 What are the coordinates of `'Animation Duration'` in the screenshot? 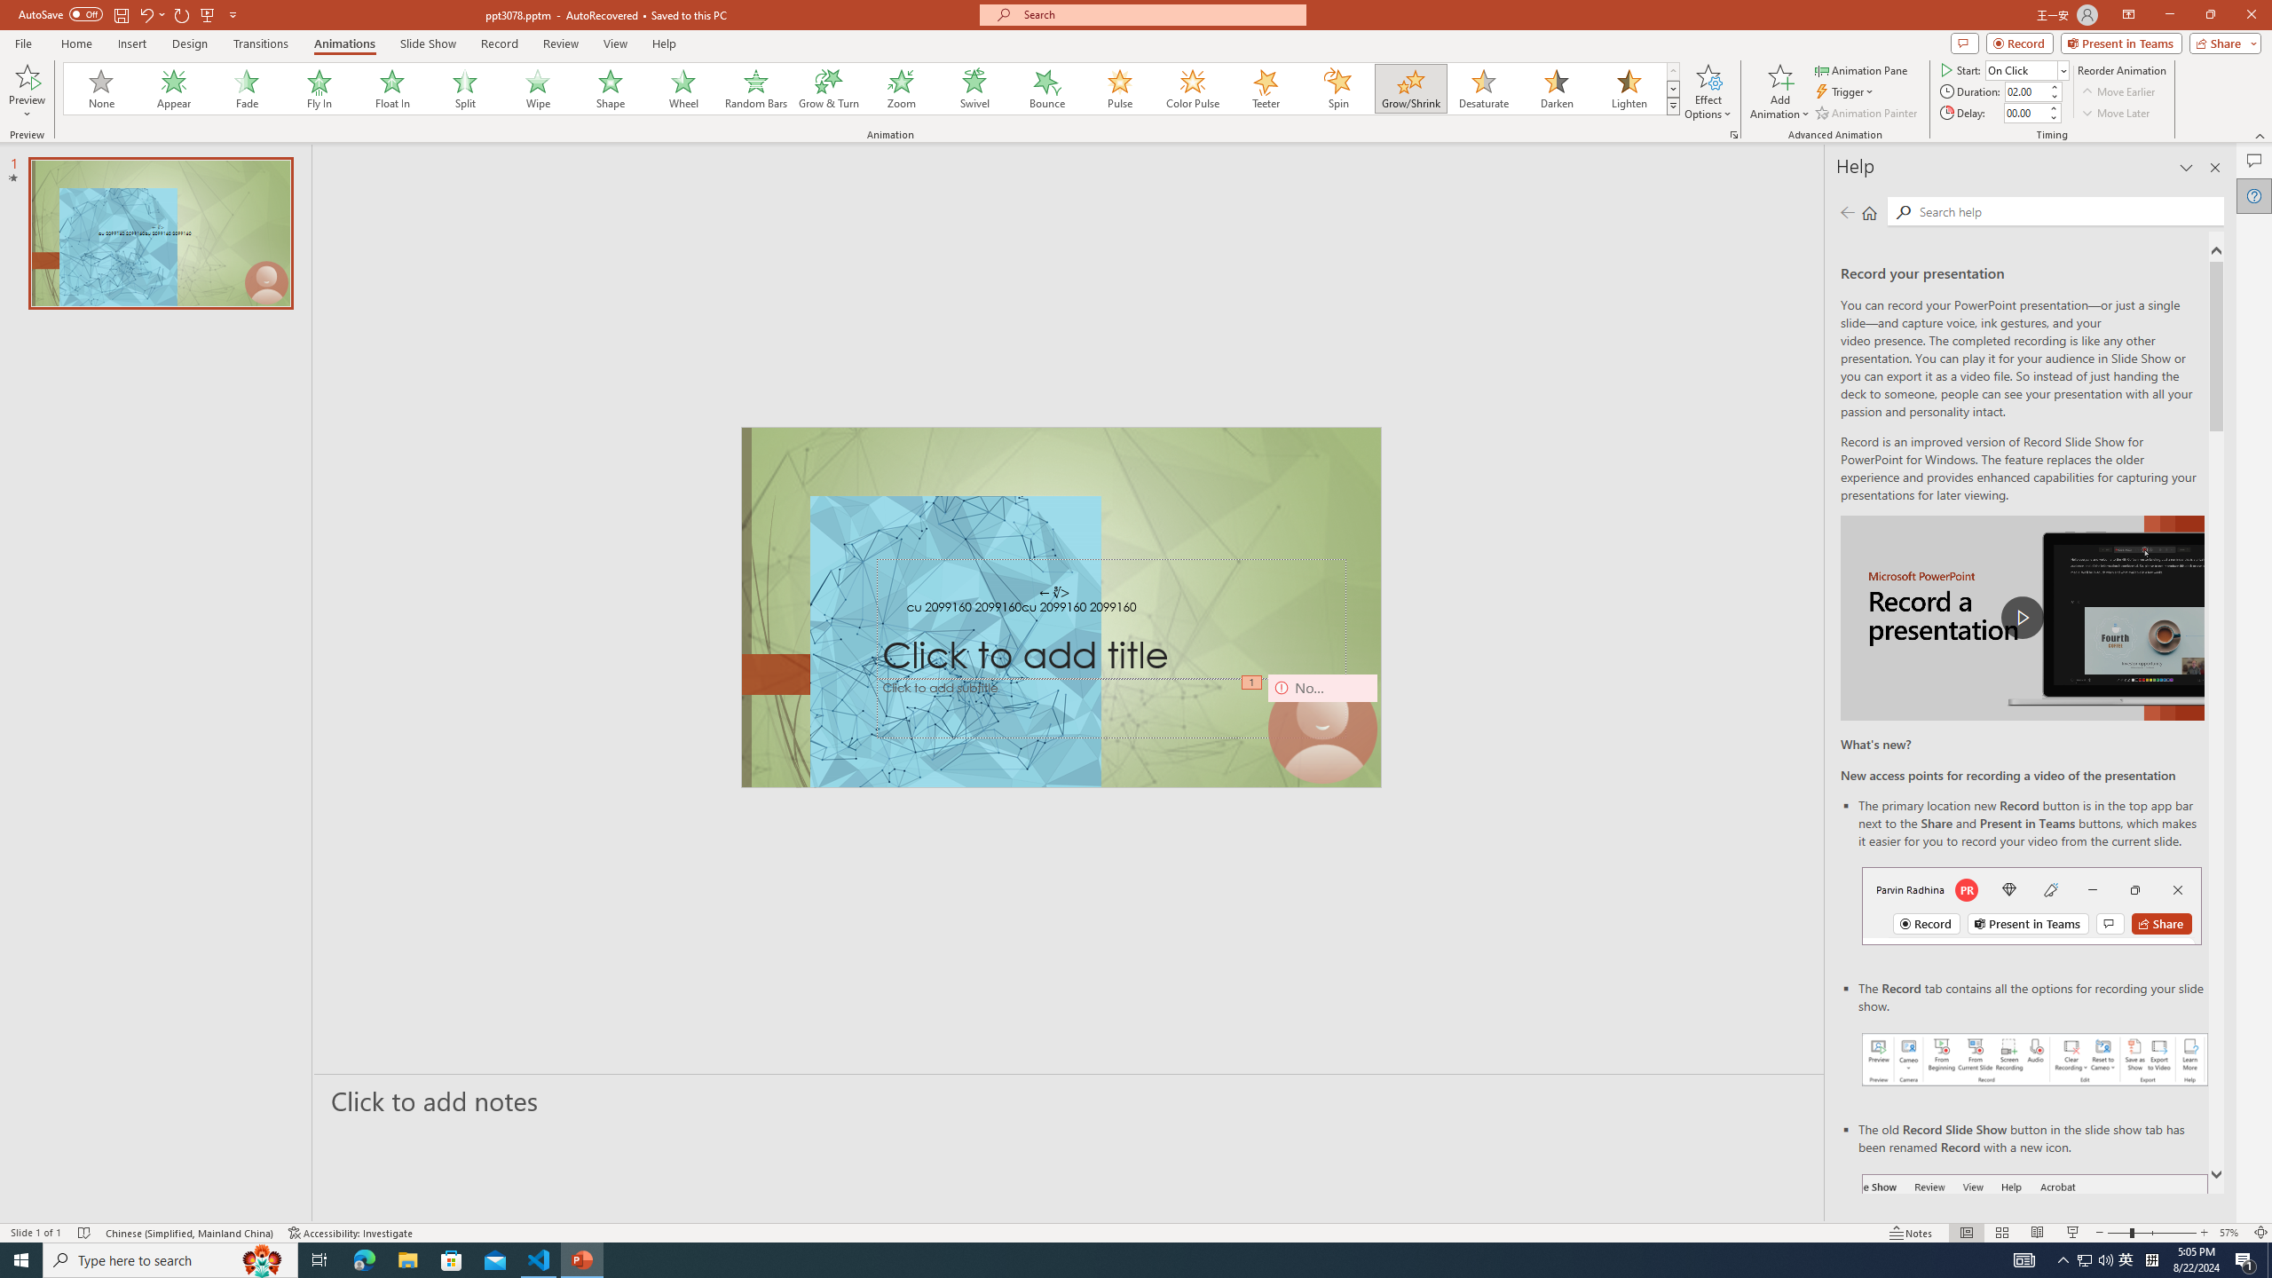 It's located at (2025, 91).